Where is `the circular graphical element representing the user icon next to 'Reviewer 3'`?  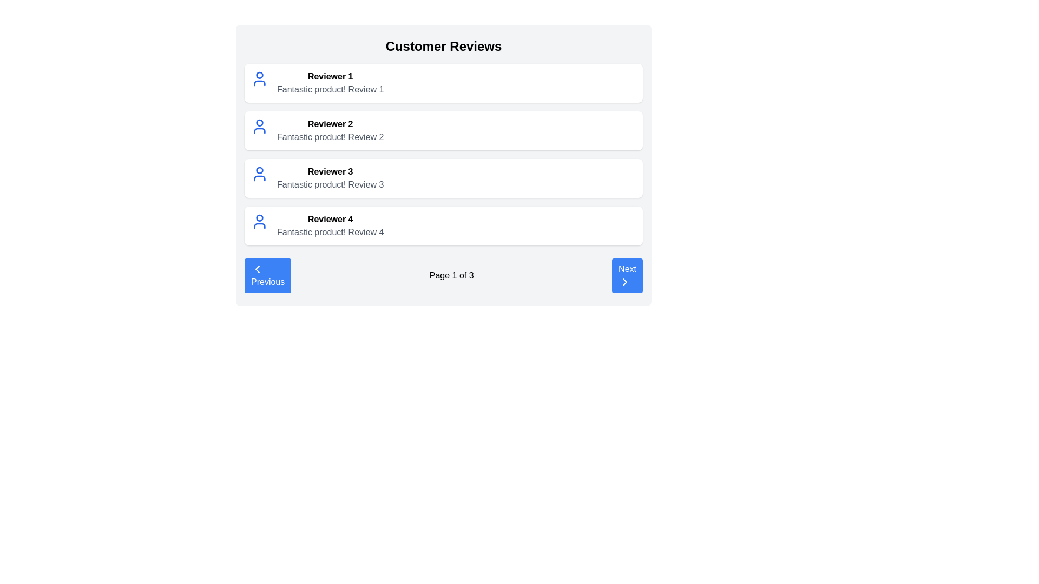
the circular graphical element representing the user icon next to 'Reviewer 3' is located at coordinates (260, 170).